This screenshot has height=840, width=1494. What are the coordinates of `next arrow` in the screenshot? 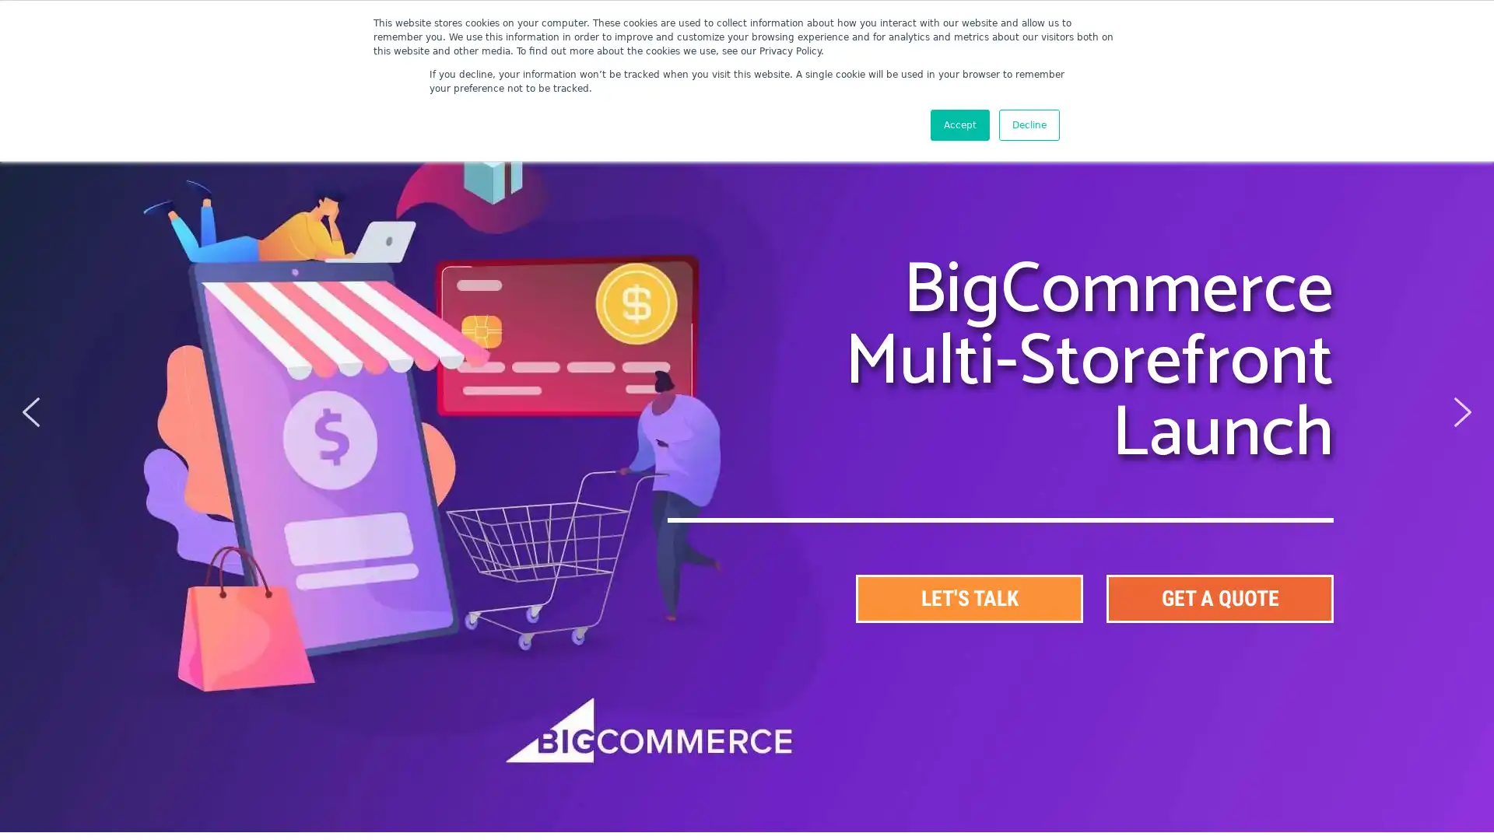 It's located at (1462, 410).